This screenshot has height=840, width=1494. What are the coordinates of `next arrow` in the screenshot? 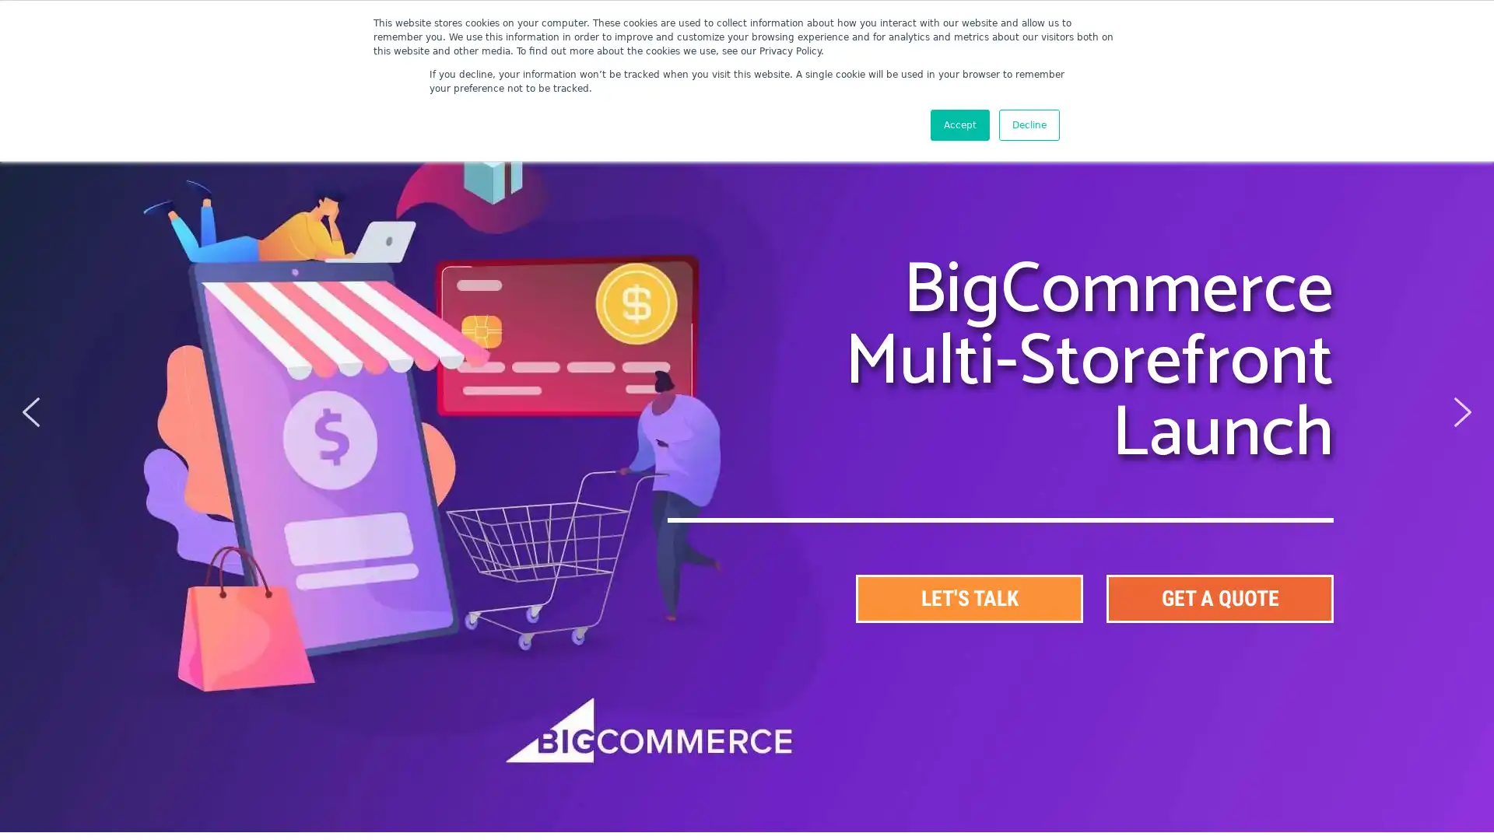 It's located at (1462, 410).